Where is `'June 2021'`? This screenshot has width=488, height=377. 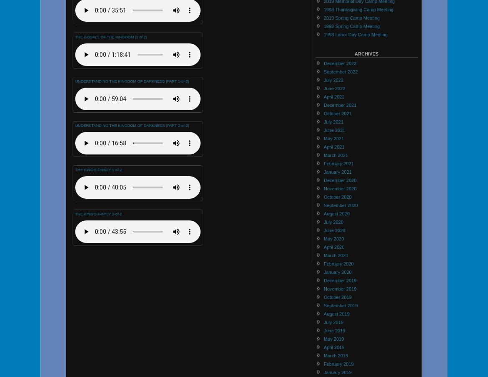
'June 2021' is located at coordinates (334, 129).